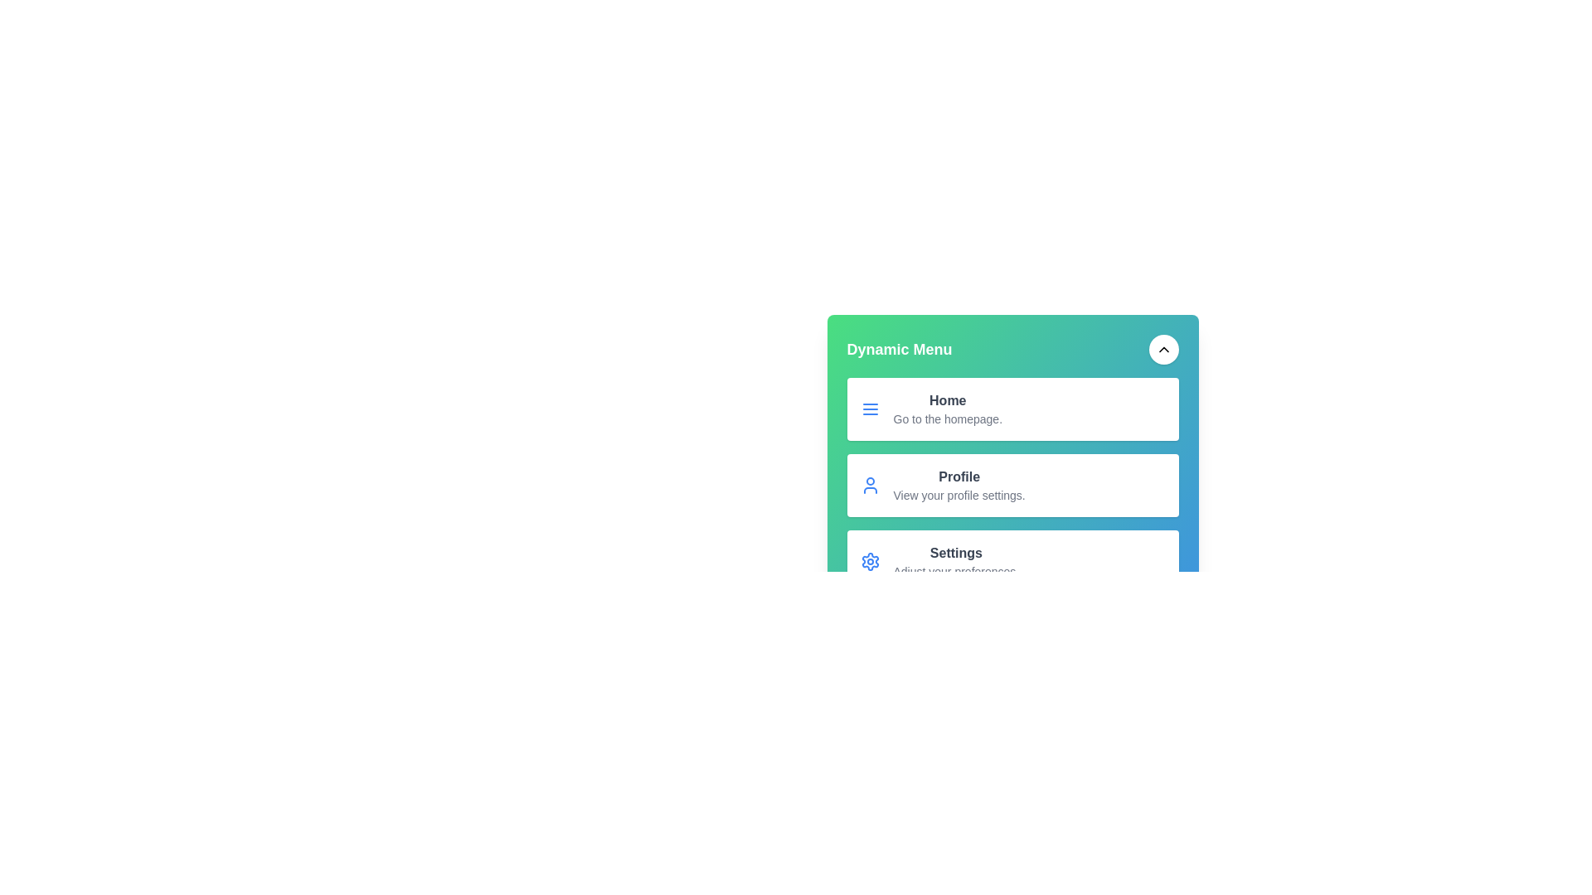  I want to click on the 'Home' button in the menu, so click(1012, 433).